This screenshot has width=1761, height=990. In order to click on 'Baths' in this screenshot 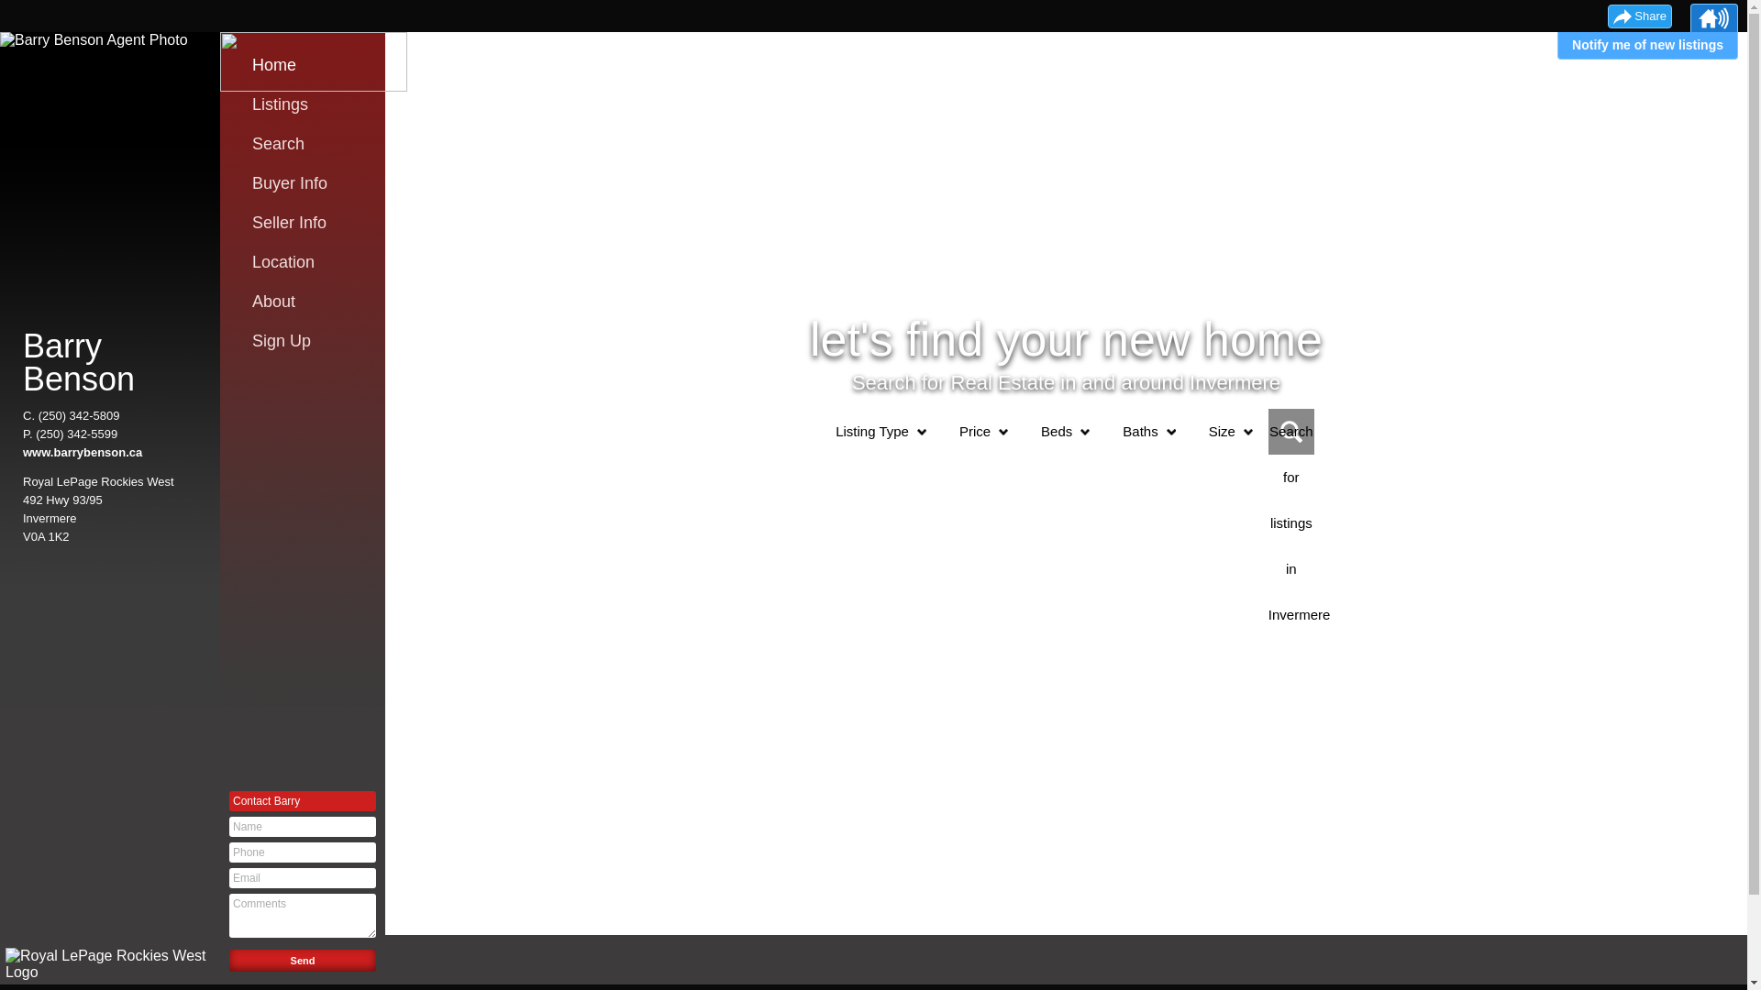, I will do `click(1139, 431)`.